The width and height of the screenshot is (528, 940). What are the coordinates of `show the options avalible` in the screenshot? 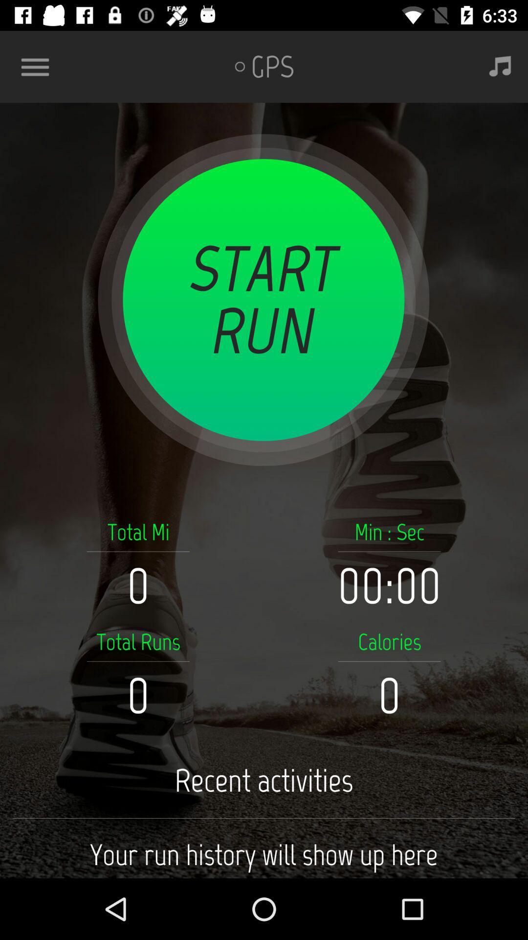 It's located at (39, 66).